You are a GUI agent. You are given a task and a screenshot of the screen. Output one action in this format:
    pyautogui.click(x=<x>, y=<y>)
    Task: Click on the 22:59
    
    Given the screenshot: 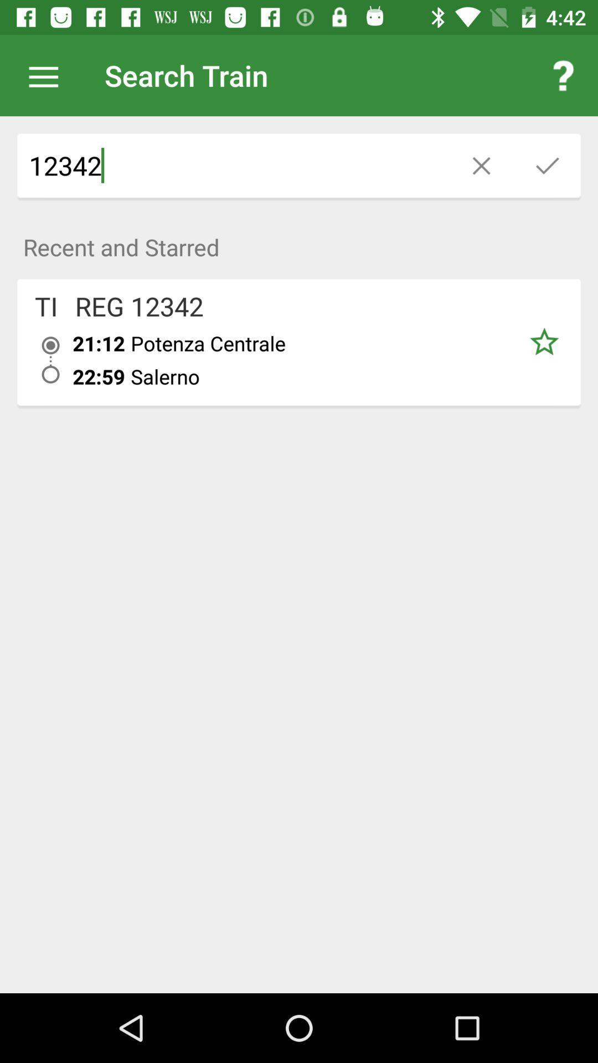 What is the action you would take?
    pyautogui.click(x=98, y=376)
    